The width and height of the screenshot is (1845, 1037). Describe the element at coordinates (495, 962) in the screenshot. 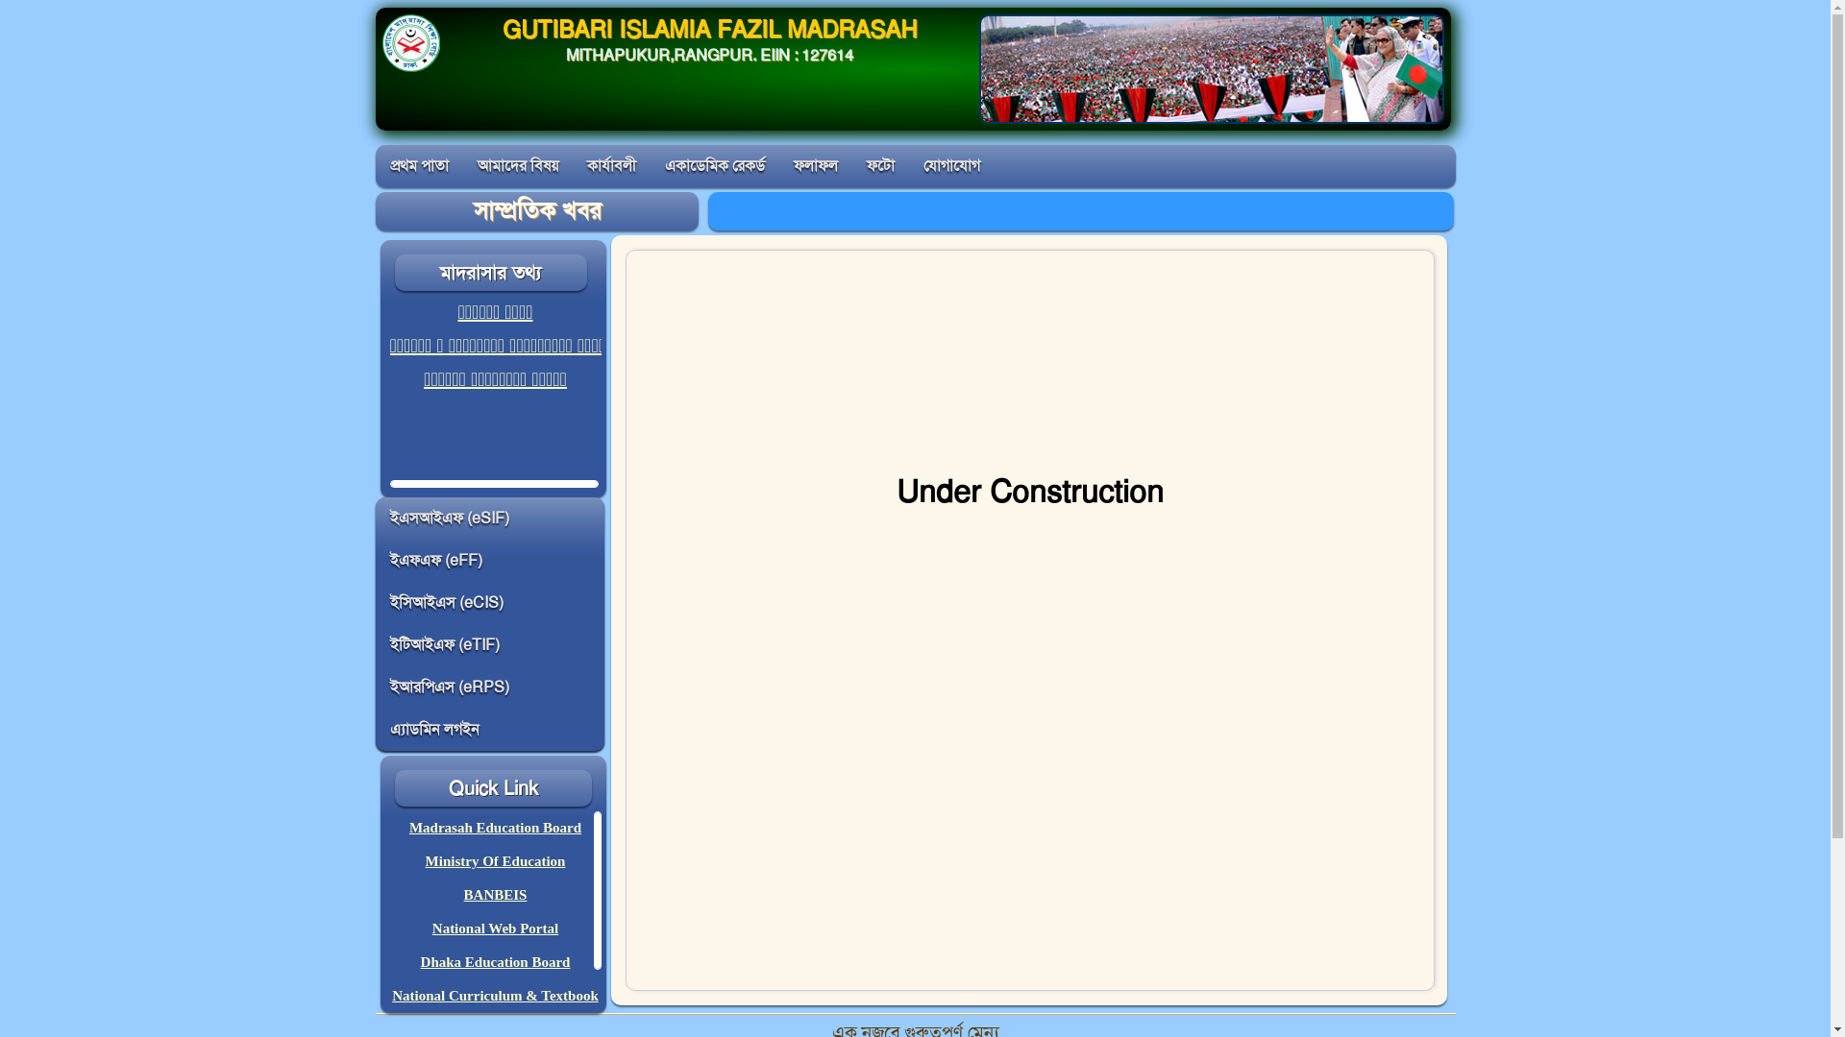

I see `'Dhaka Education Board'` at that location.